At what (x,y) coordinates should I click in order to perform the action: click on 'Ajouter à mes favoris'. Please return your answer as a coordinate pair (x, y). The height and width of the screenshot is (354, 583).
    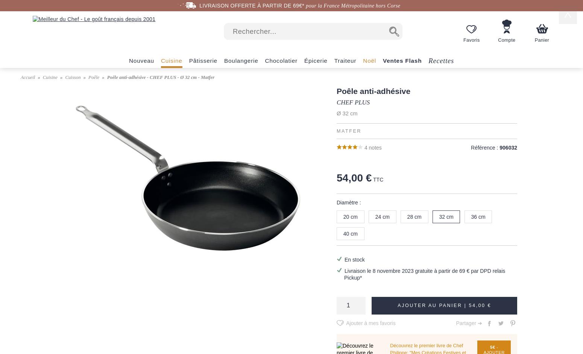
    Looking at the image, I should click on (370, 323).